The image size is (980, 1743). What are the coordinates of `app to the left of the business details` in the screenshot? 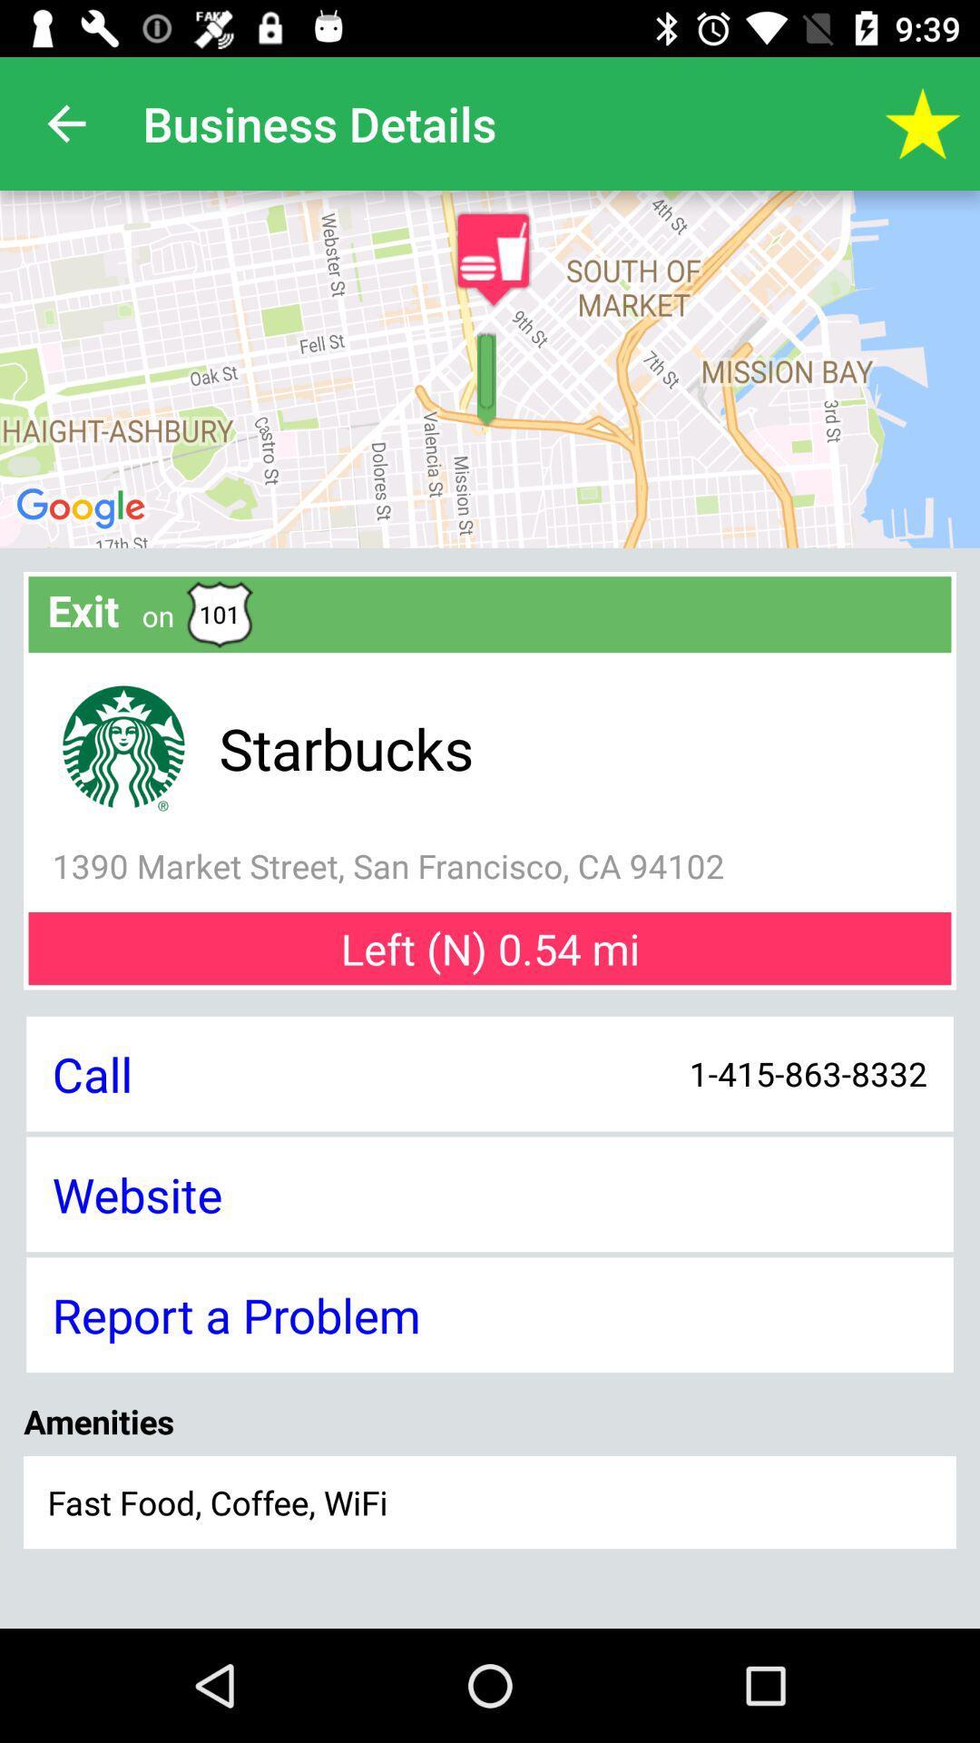 It's located at (65, 123).